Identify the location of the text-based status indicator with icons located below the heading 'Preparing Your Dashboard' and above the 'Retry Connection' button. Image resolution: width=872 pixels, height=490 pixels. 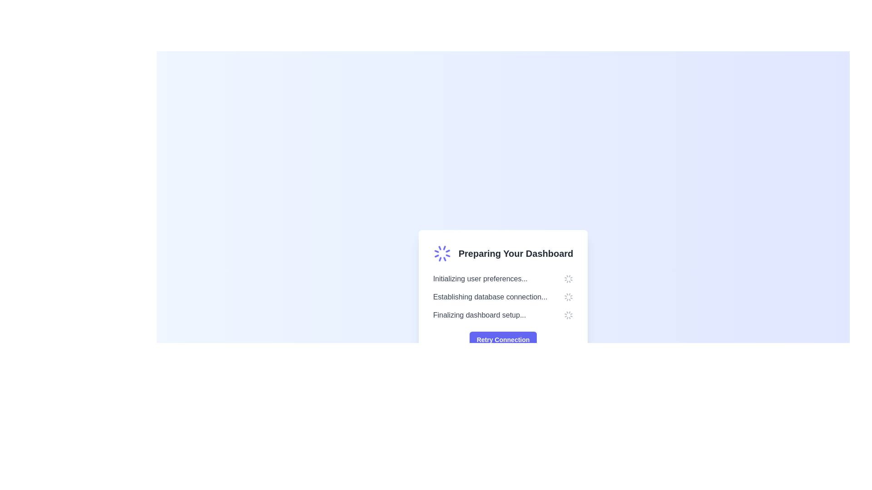
(503, 297).